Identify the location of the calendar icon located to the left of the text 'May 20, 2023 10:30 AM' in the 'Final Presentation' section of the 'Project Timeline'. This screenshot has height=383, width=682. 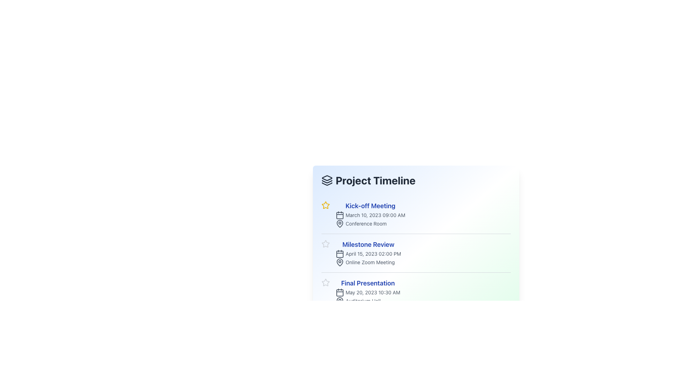
(339, 293).